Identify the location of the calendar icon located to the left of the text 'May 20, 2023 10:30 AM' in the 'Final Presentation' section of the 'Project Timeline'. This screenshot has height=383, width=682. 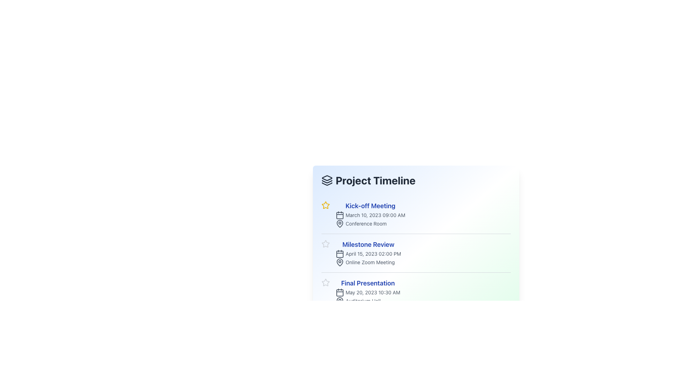
(339, 293).